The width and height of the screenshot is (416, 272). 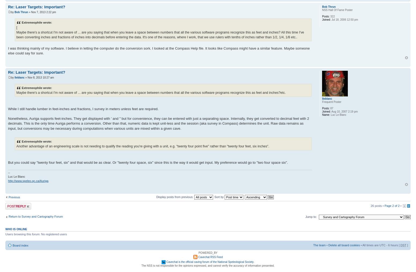 What do you see at coordinates (337, 9) in the screenshot?
I see `'NSS Hall Of Fame Poster'` at bounding box center [337, 9].